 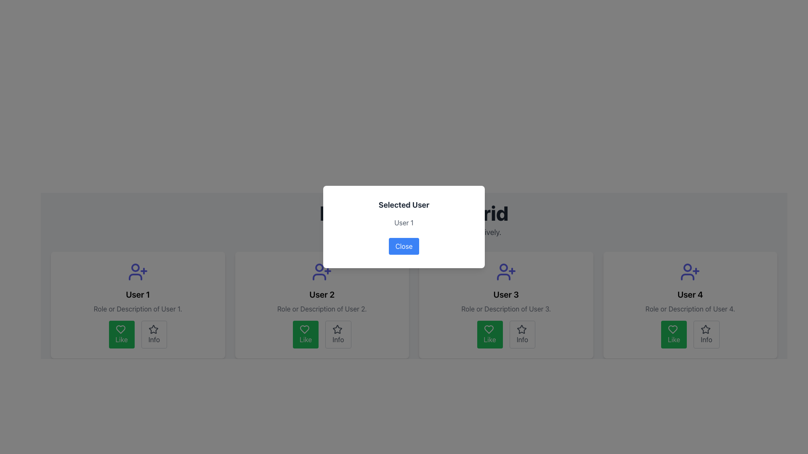 I want to click on the circle representing the head of the user icon for 'User 3', located above the label 'User 3', so click(x=503, y=267).